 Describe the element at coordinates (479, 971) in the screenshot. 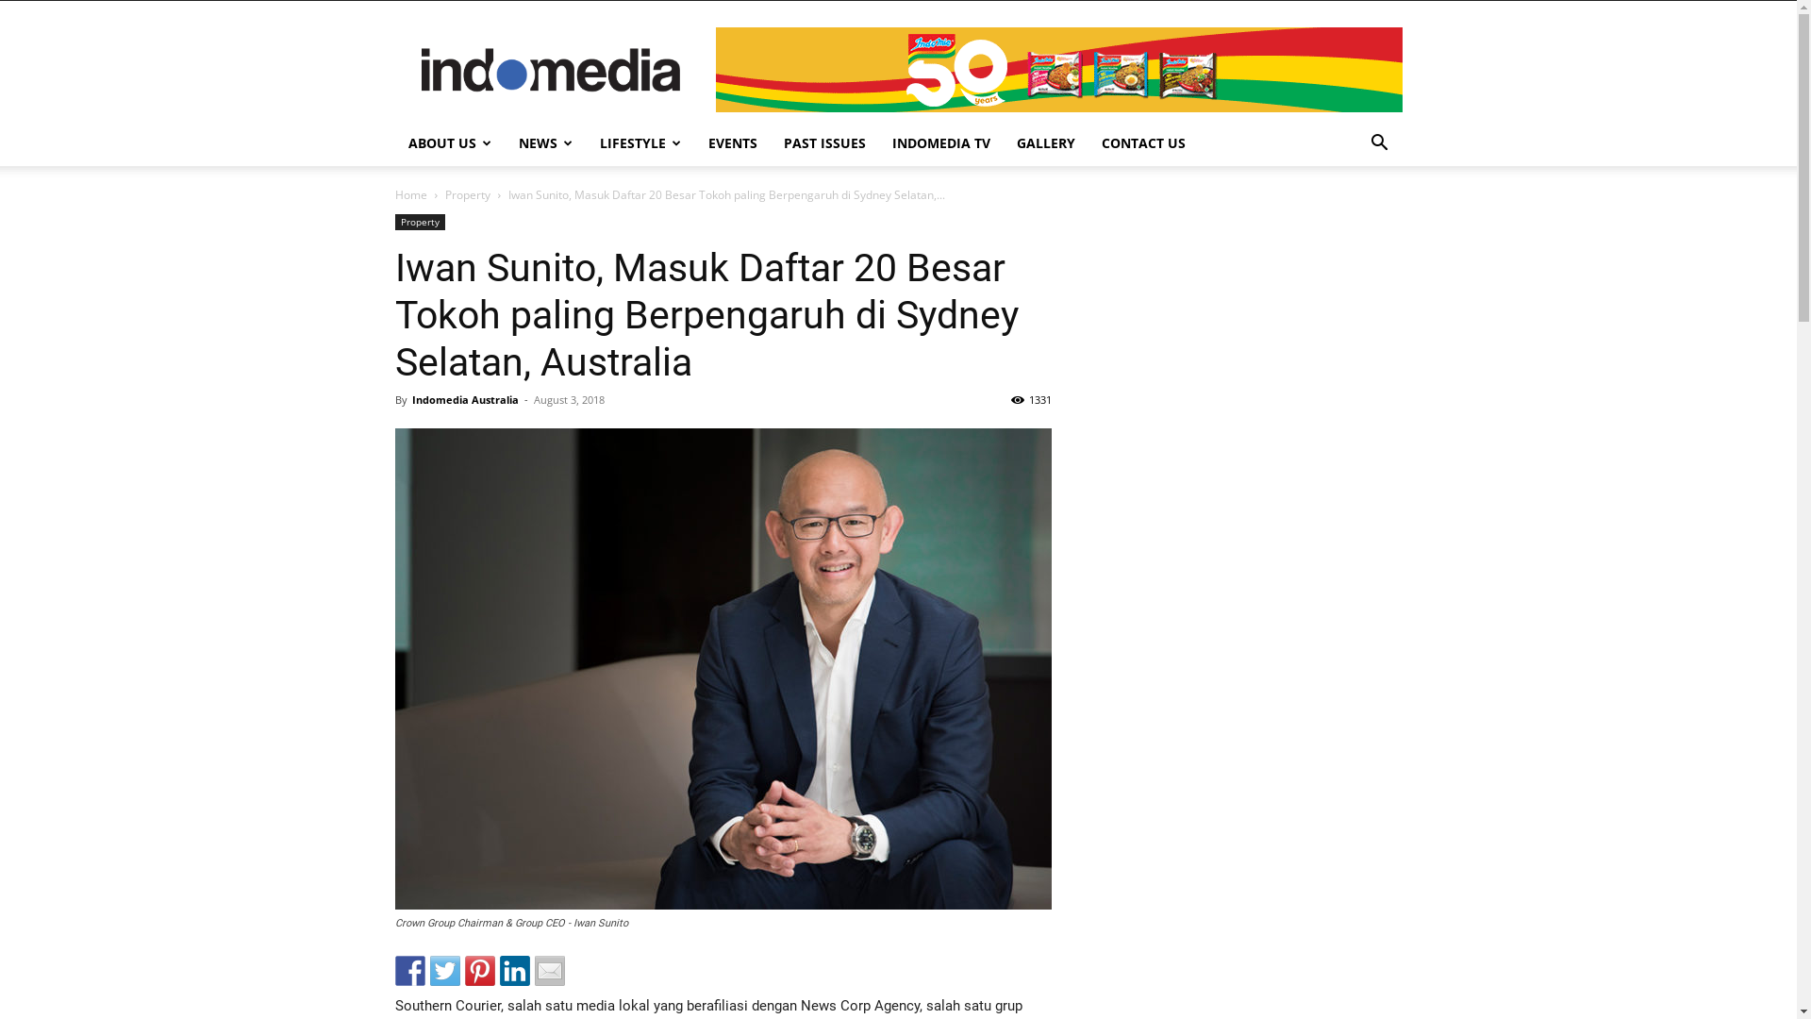

I see `'Pin it with Pinterest'` at that location.